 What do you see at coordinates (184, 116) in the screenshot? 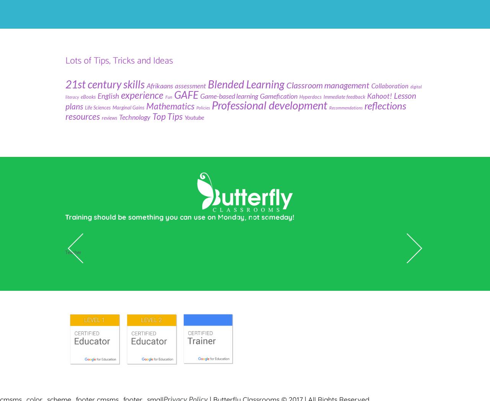
I see `'Youtube'` at bounding box center [184, 116].